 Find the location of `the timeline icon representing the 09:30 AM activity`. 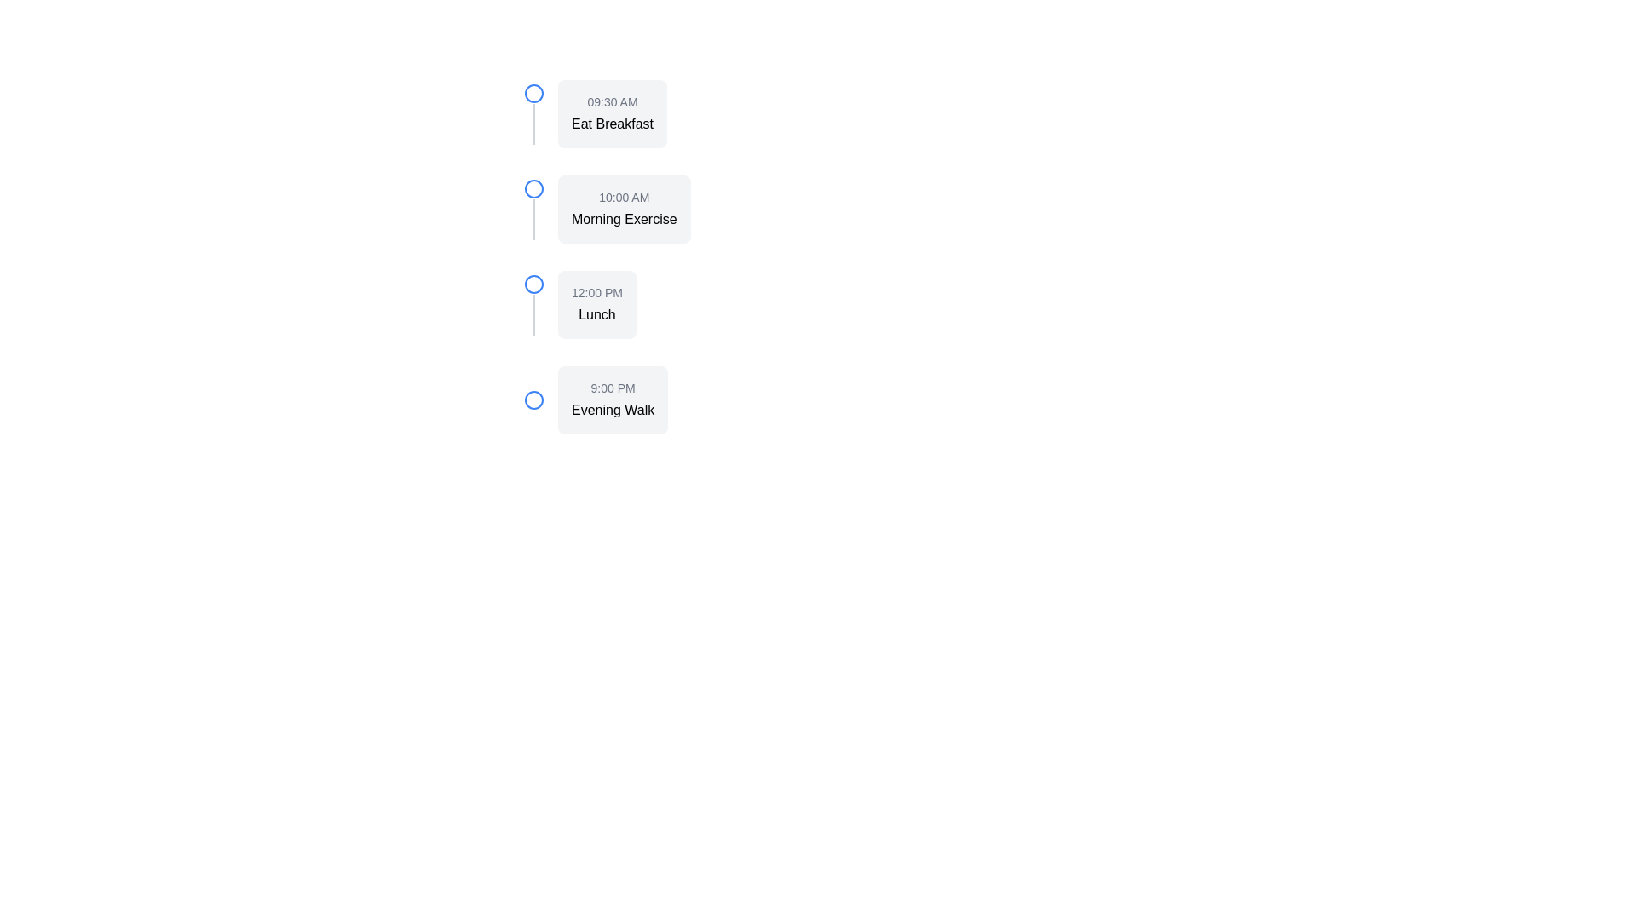

the timeline icon representing the 09:30 AM activity is located at coordinates (533, 94).